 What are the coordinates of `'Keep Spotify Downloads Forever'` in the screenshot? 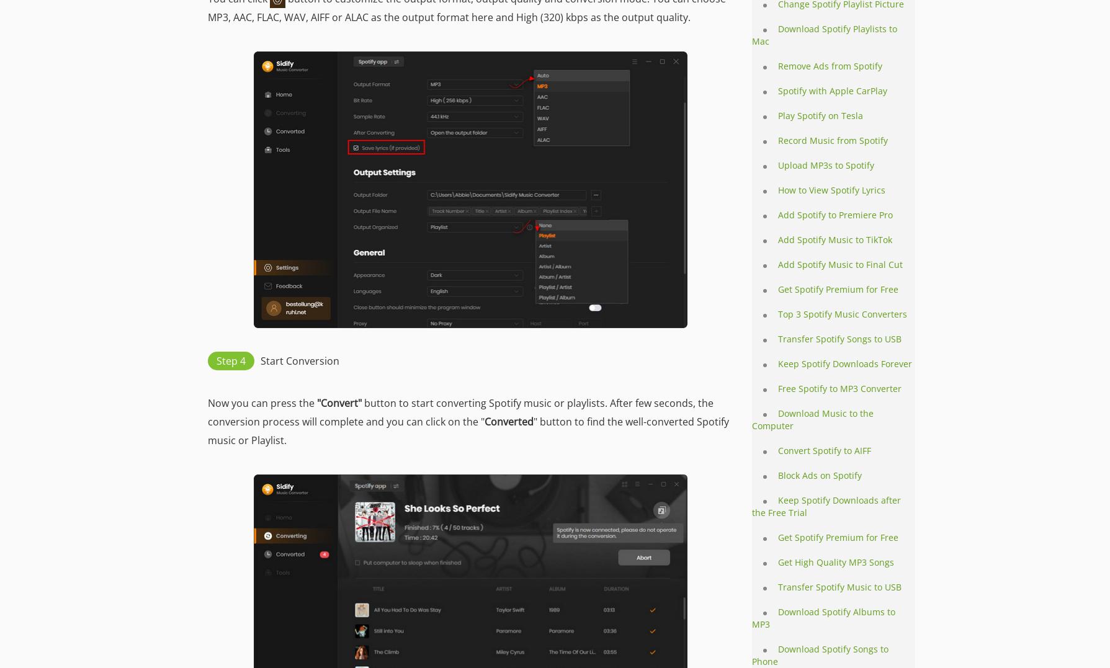 It's located at (844, 363).